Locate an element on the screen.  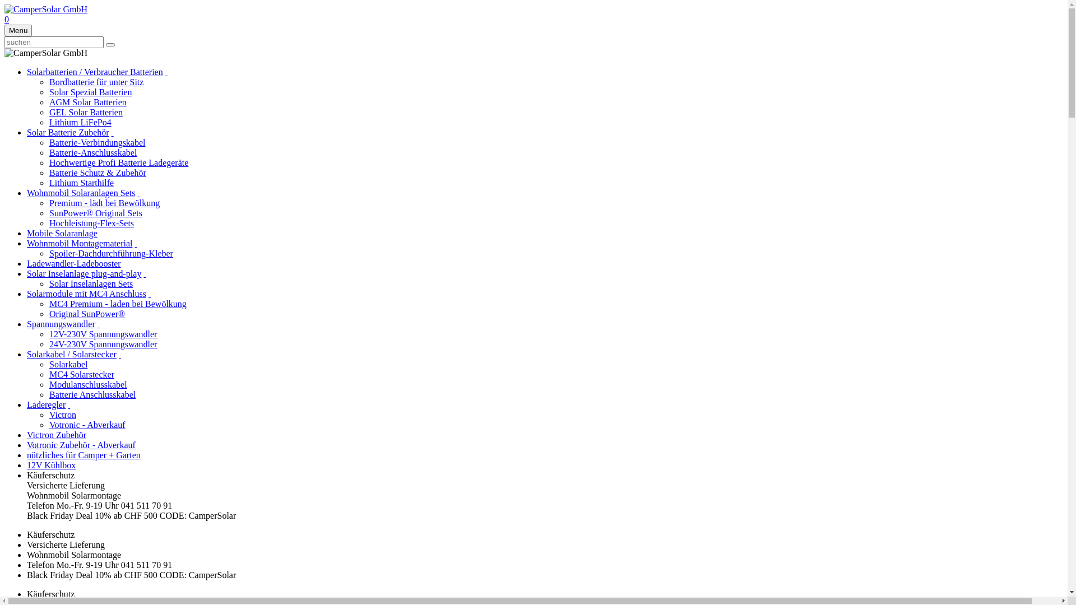
'Batterie Anschlusskabel' is located at coordinates (48, 394).